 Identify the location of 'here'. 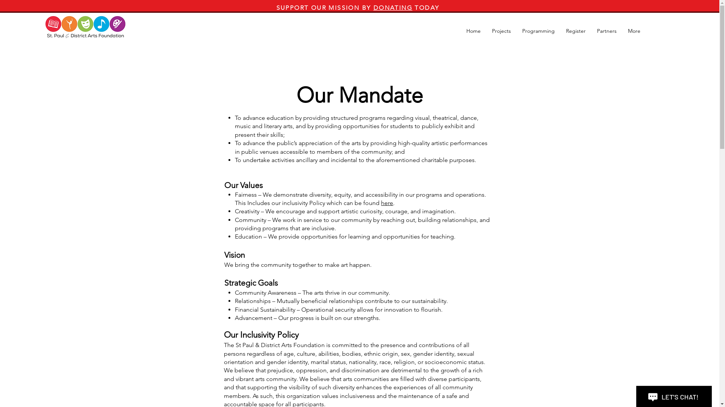
(381, 202).